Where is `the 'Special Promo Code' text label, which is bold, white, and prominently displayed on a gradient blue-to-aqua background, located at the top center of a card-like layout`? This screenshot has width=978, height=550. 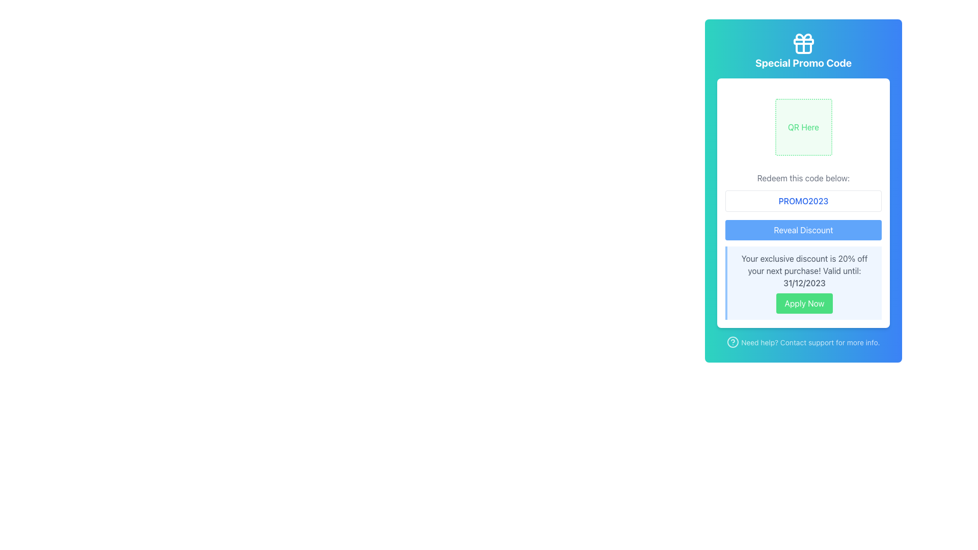 the 'Special Promo Code' text label, which is bold, white, and prominently displayed on a gradient blue-to-aqua background, located at the top center of a card-like layout is located at coordinates (803, 63).